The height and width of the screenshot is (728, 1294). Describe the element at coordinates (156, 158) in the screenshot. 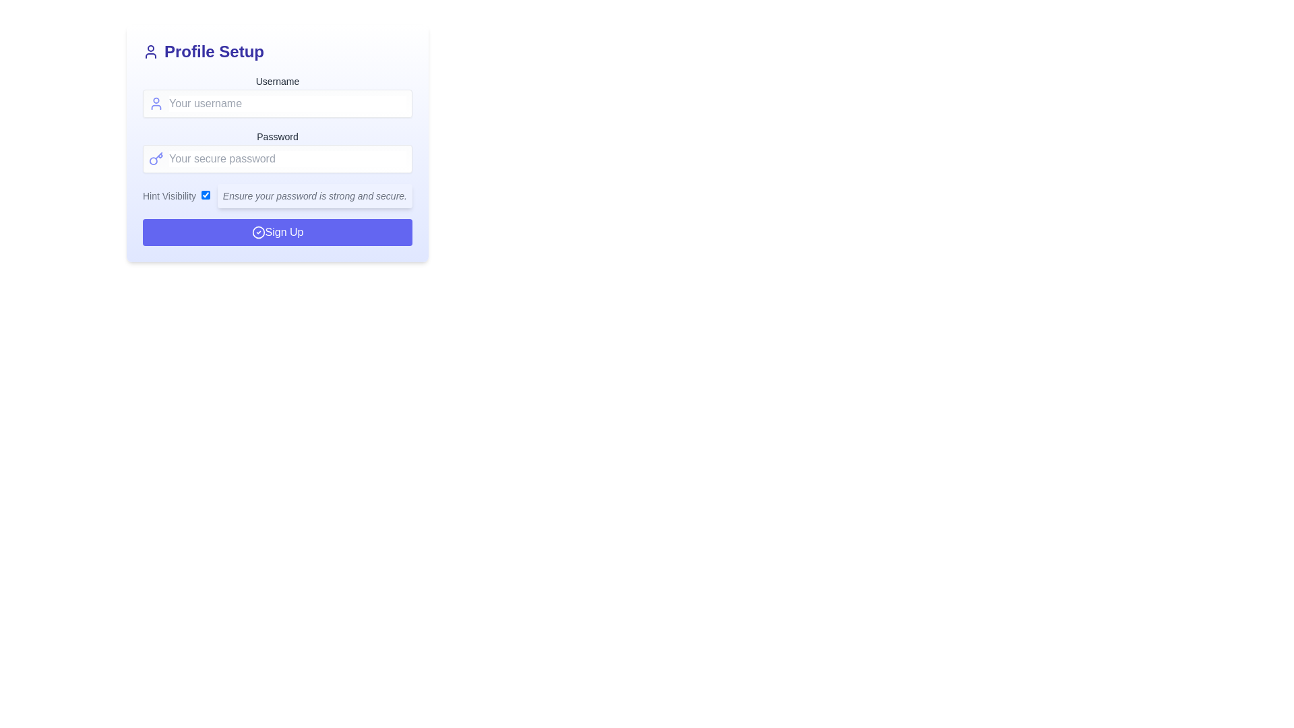

I see `the key-shaped icon with a blue hue located` at that location.